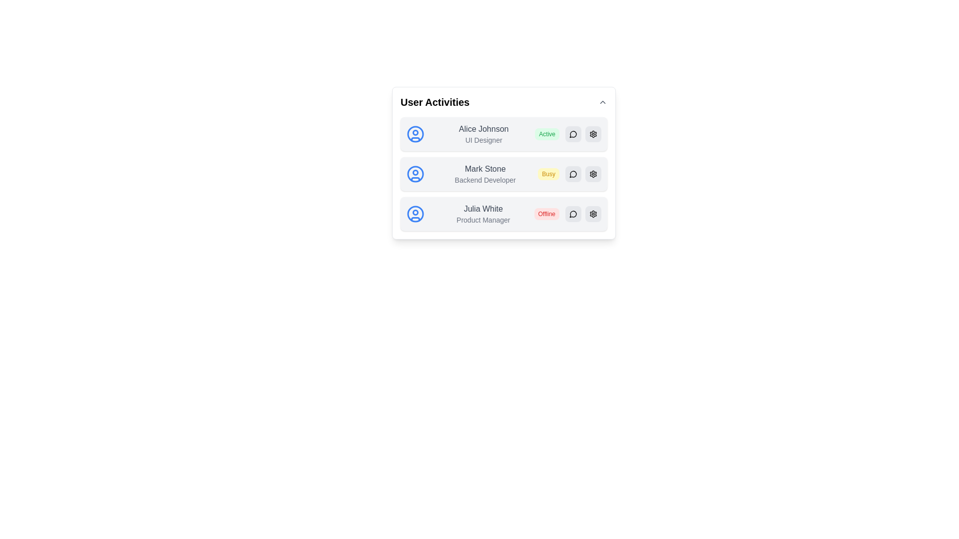 The height and width of the screenshot is (539, 959). Describe the element at coordinates (485, 169) in the screenshot. I see `displayed name 'Mark Stone' from the text label located in the middle slot of the vertically stacked list within the 'User Activities' card` at that location.